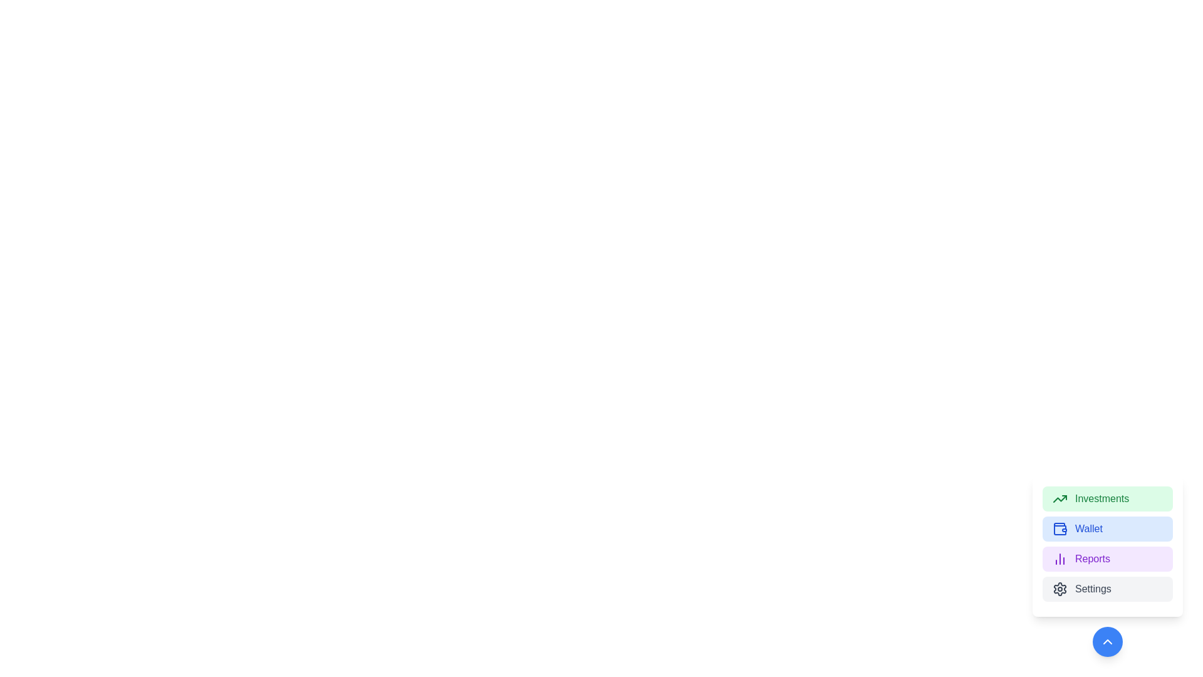  I want to click on the 'Investments' button, so click(1107, 498).